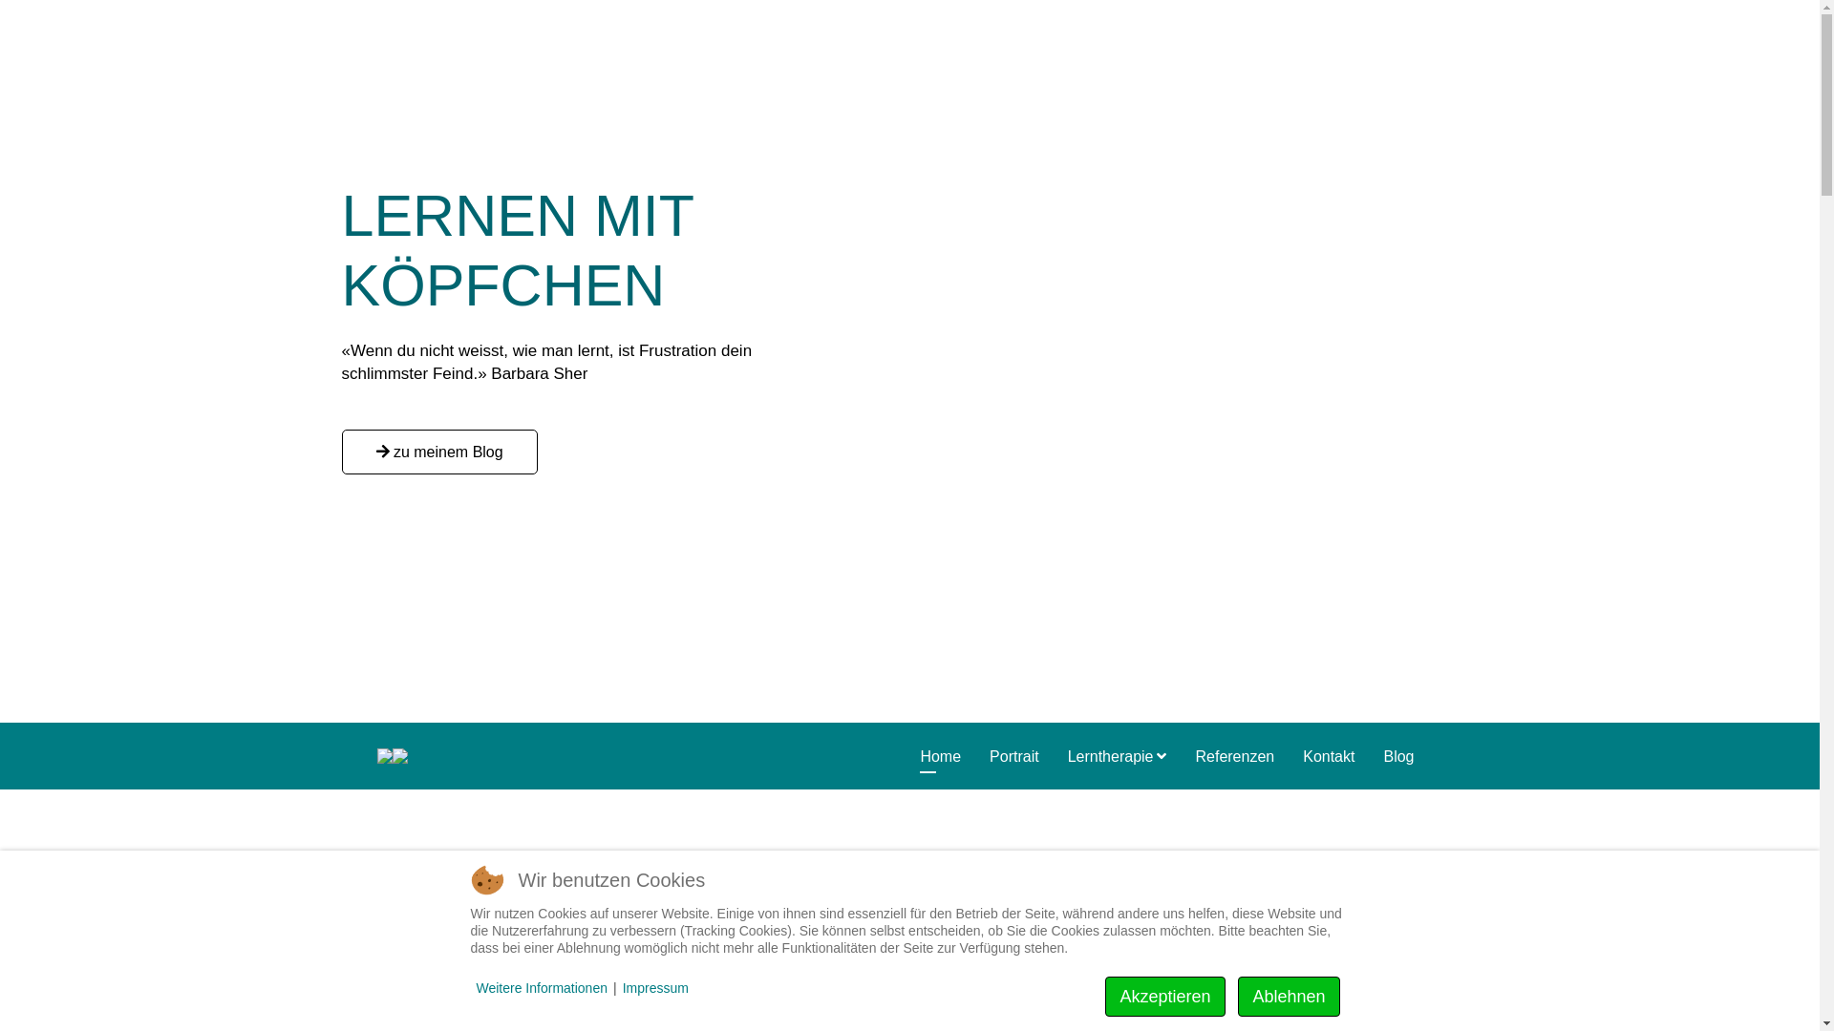  Describe the element at coordinates (1398, 756) in the screenshot. I see `'Blog'` at that location.